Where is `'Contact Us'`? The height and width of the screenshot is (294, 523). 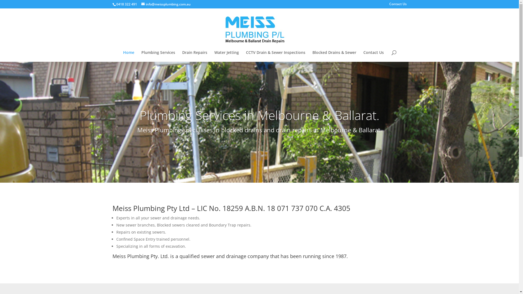 'Contact Us' is located at coordinates (373, 56).